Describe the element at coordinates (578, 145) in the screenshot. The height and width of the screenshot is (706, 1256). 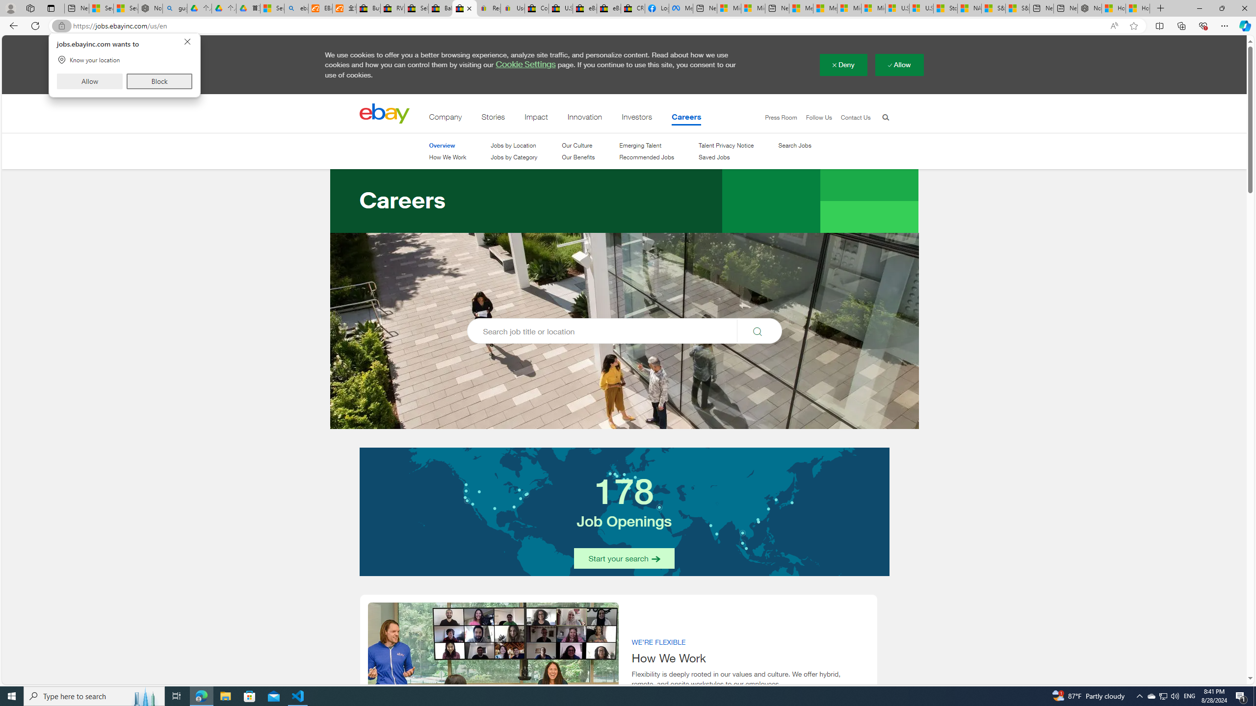
I see `'Our Culture'` at that location.